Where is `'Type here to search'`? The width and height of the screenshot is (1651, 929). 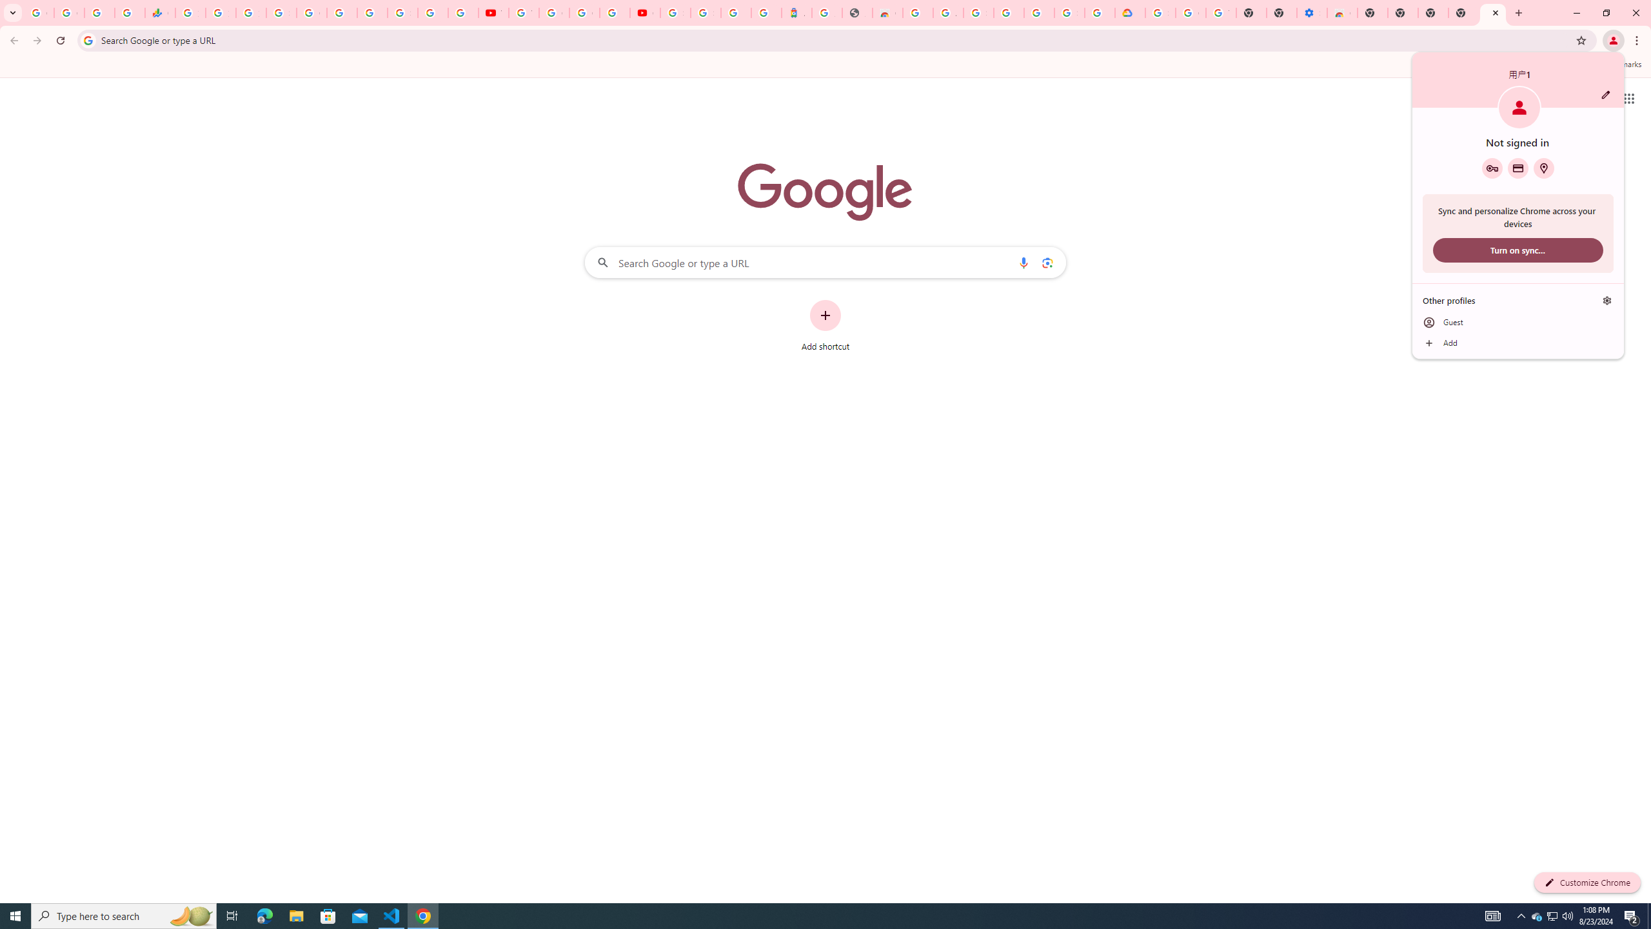 'Type here to search' is located at coordinates (123, 915).